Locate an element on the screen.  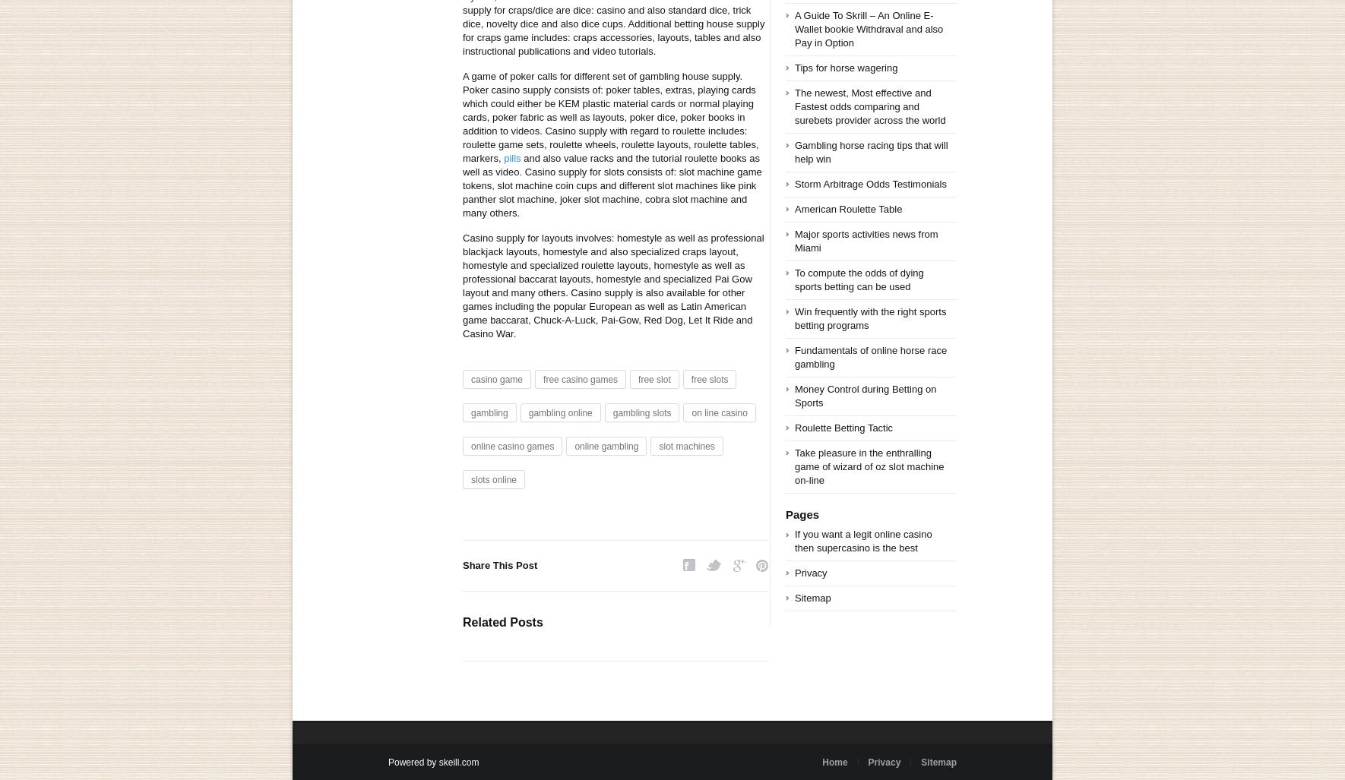
'gambling' is located at coordinates (488, 412).